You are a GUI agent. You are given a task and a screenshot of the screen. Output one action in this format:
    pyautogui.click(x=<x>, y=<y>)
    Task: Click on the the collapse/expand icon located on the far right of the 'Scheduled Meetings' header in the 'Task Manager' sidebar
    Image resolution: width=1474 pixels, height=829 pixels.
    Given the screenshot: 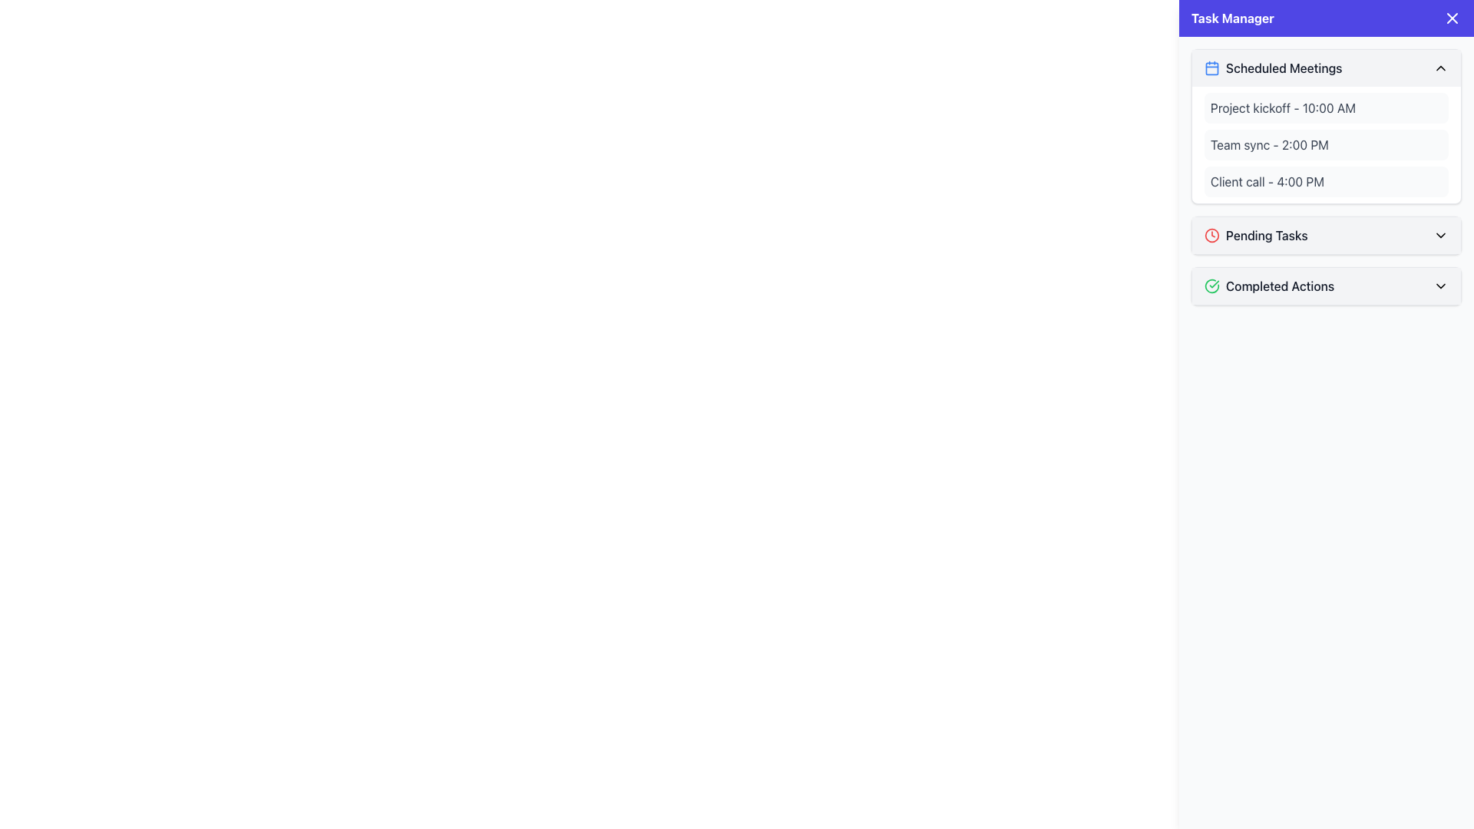 What is the action you would take?
    pyautogui.click(x=1439, y=67)
    